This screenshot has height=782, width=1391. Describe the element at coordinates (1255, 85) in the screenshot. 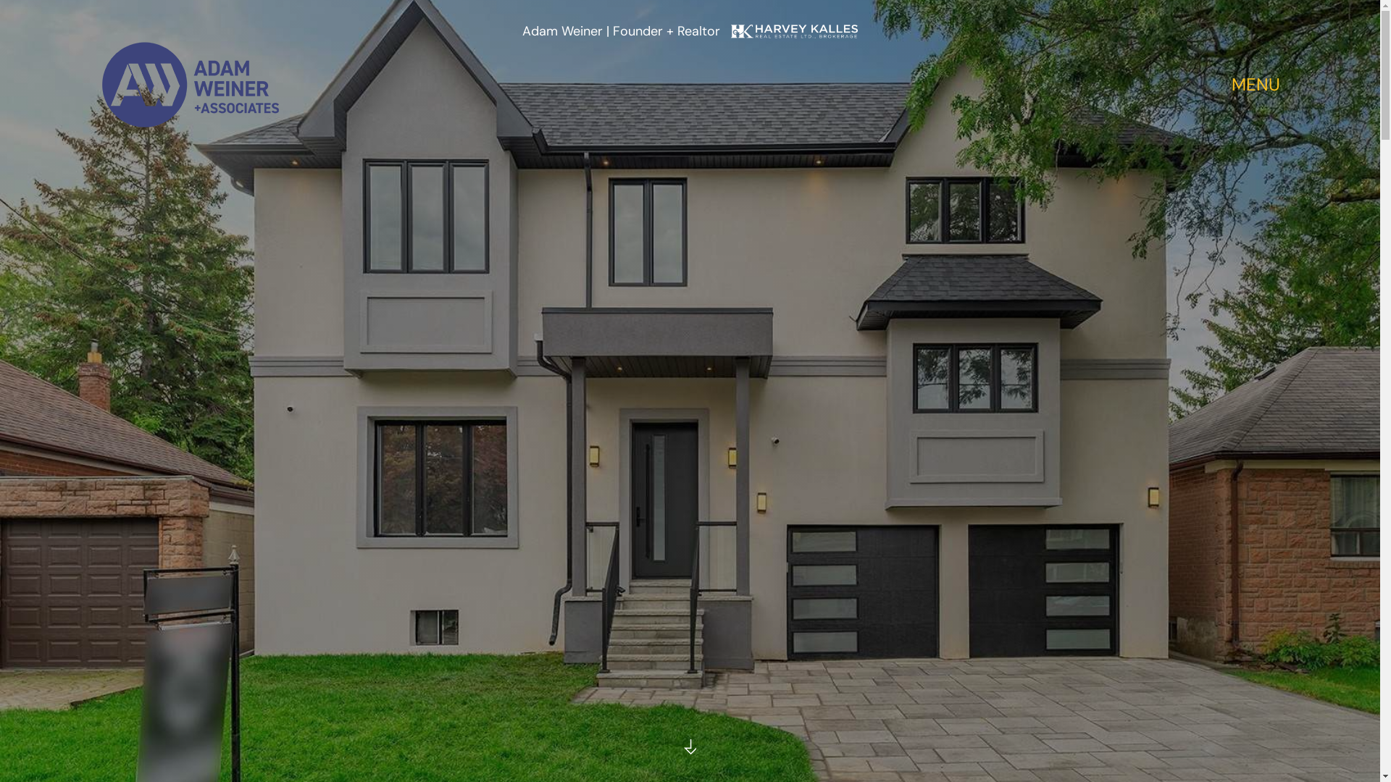

I see `'MENU'` at that location.